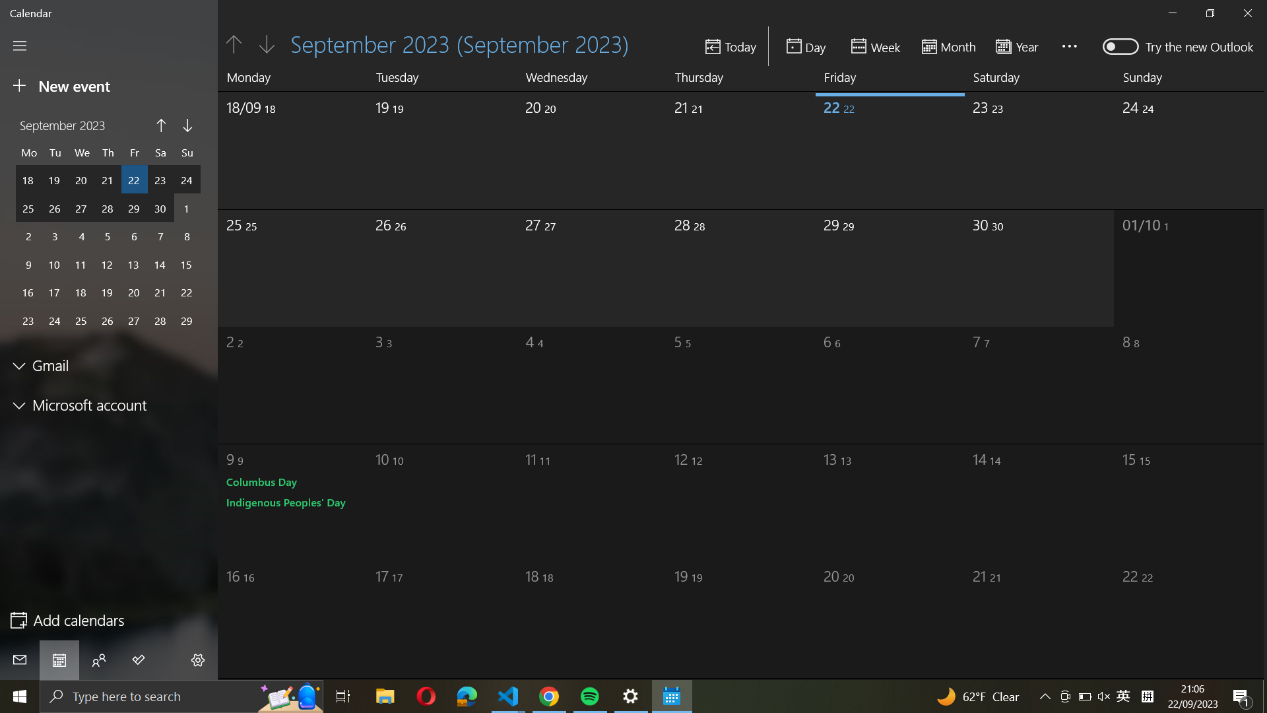 The width and height of the screenshot is (1267, 713). I want to click on Close the sidebar in the calendar app, so click(20, 45).